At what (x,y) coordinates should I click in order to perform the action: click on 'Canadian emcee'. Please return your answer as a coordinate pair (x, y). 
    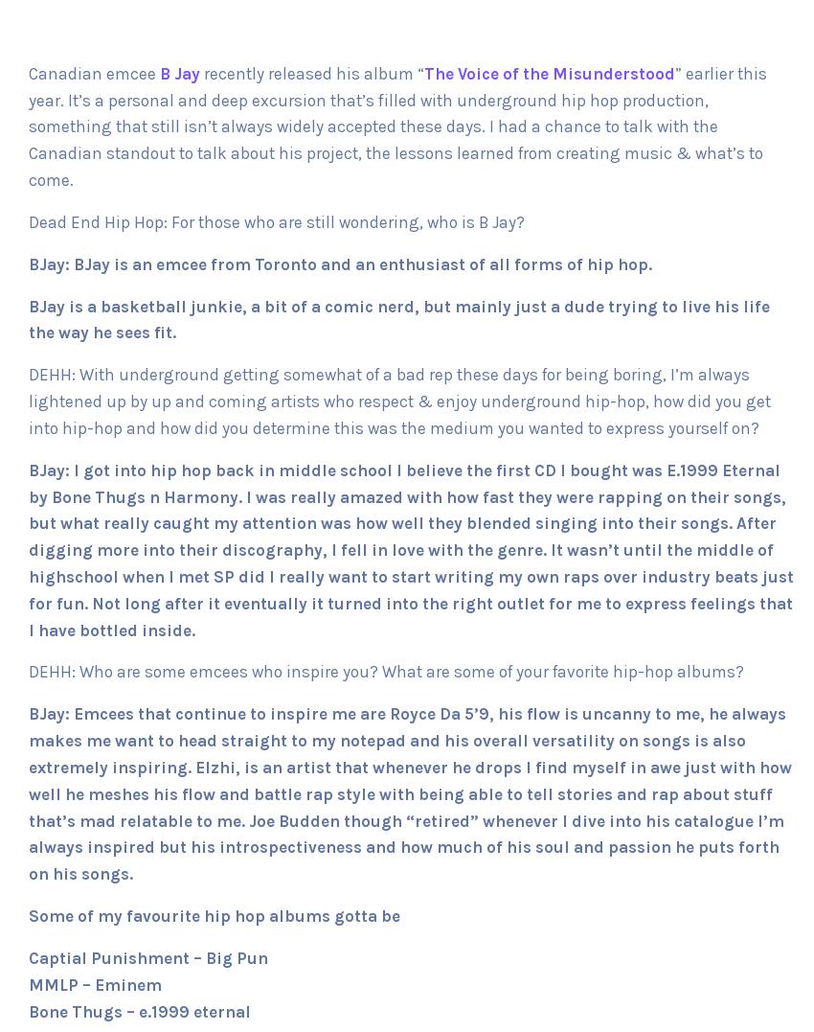
    Looking at the image, I should click on (28, 73).